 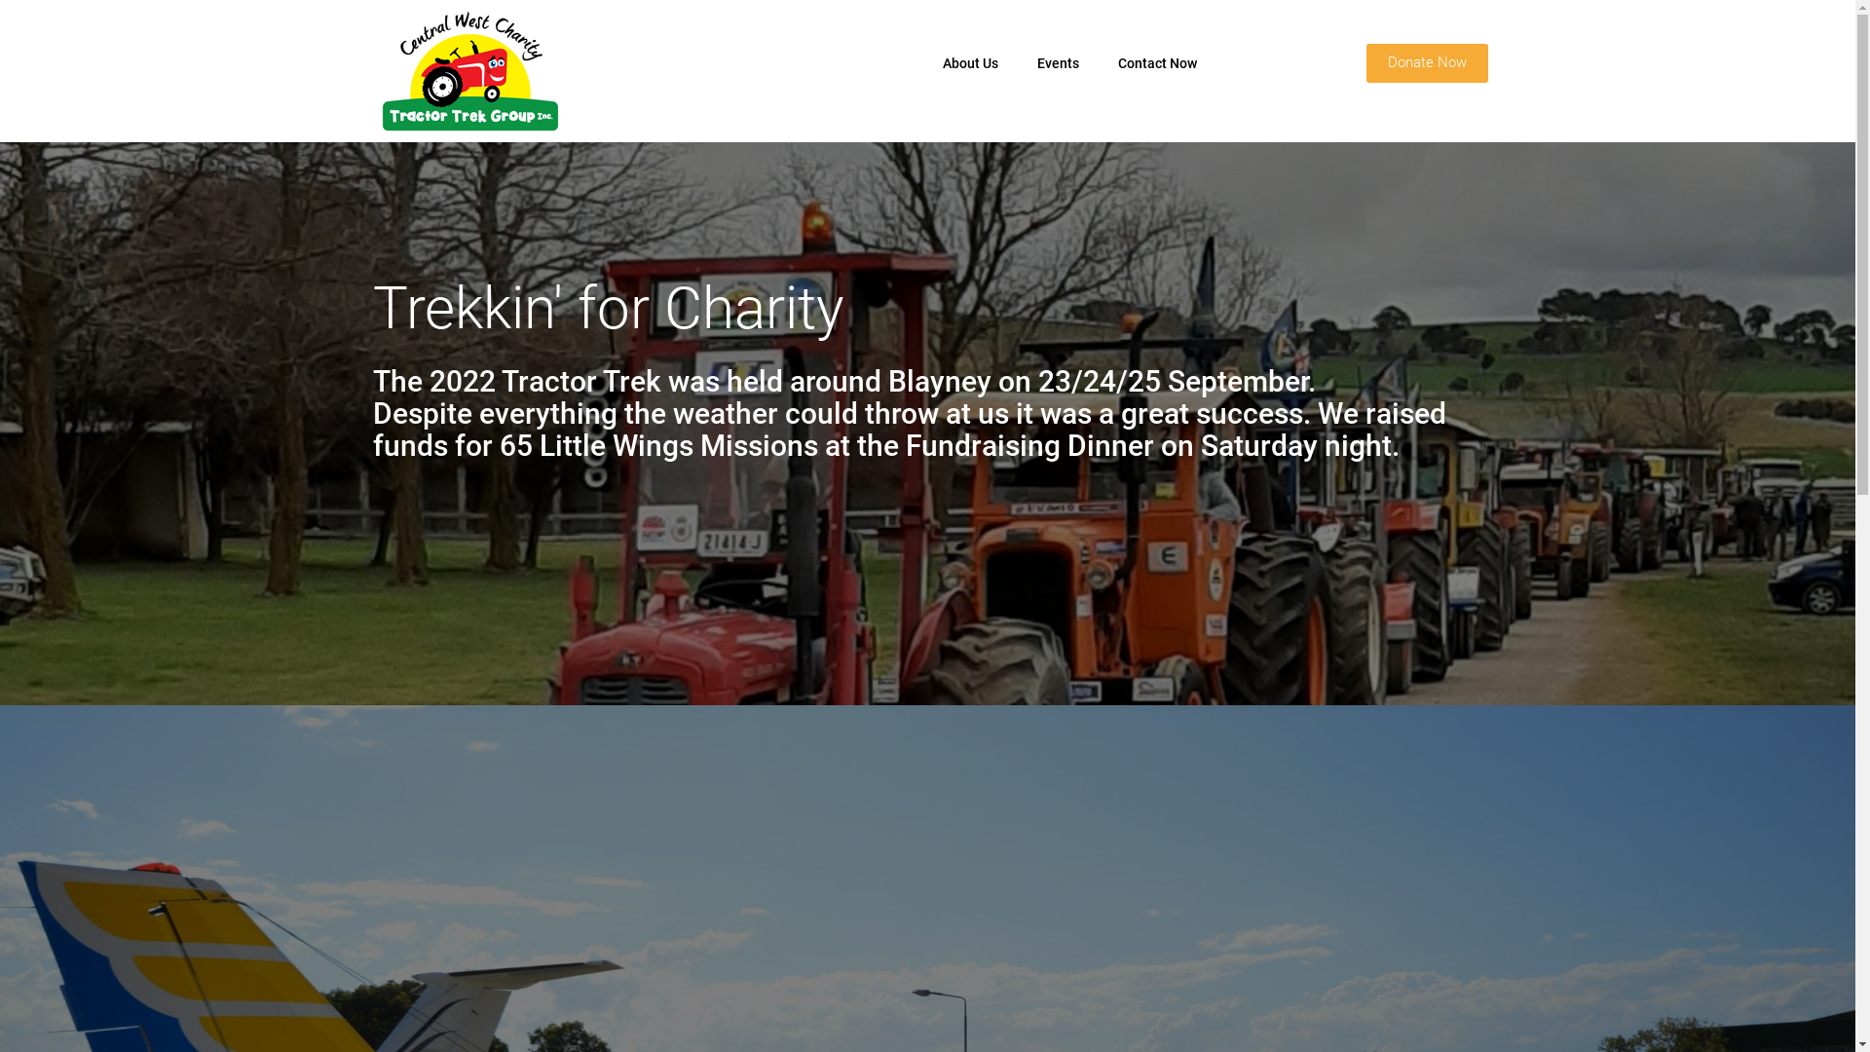 I want to click on 'Donate Now', so click(x=1426, y=62).